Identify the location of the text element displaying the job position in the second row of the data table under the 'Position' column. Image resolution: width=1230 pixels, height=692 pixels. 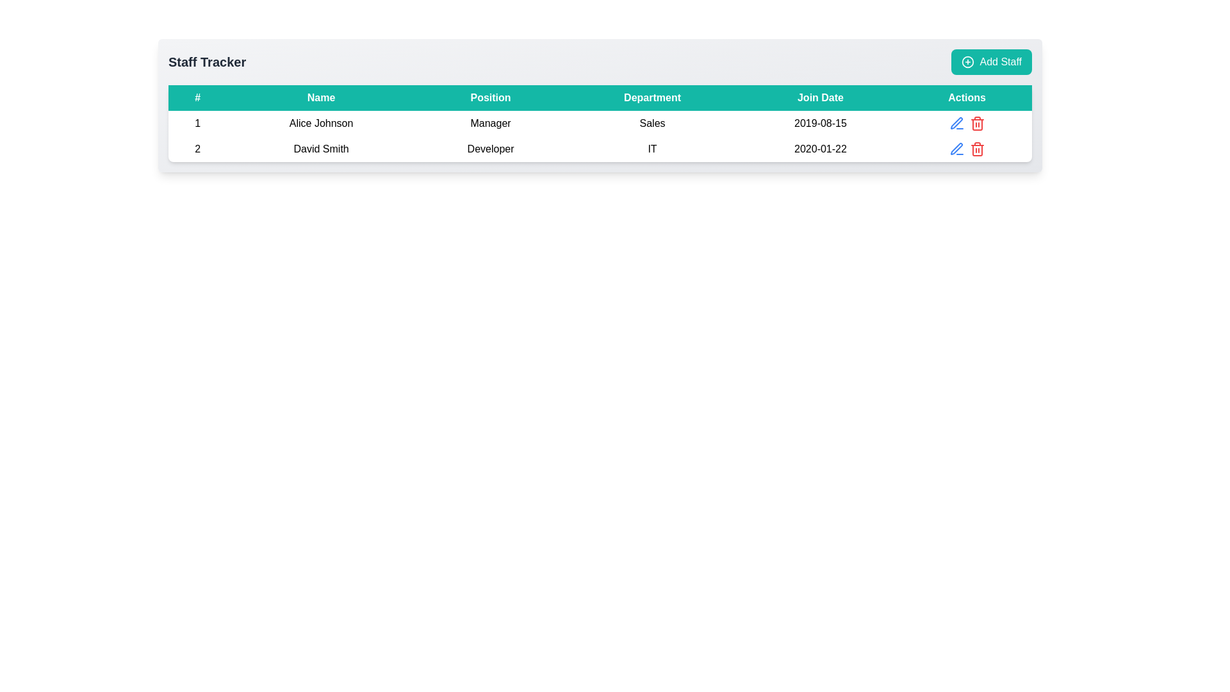
(490, 148).